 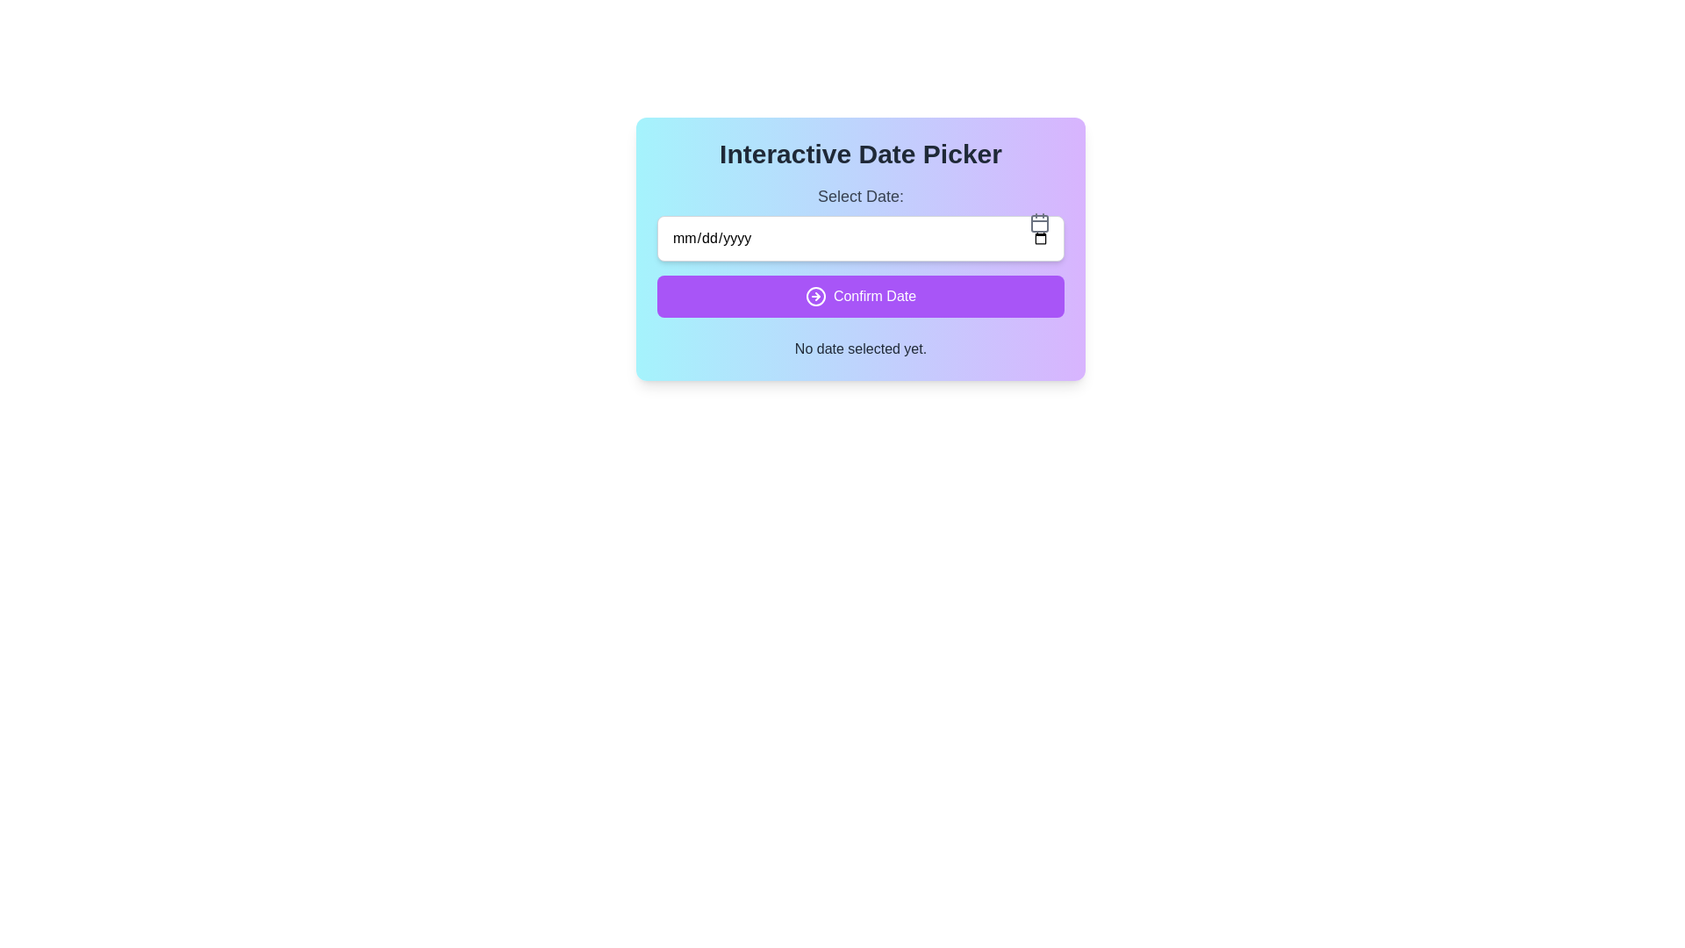 What do you see at coordinates (860, 154) in the screenshot?
I see `the bold title 'Interactive Date Picker' which is centrally positioned at the top of the card layout, styled in dark gray against a gradient background` at bounding box center [860, 154].